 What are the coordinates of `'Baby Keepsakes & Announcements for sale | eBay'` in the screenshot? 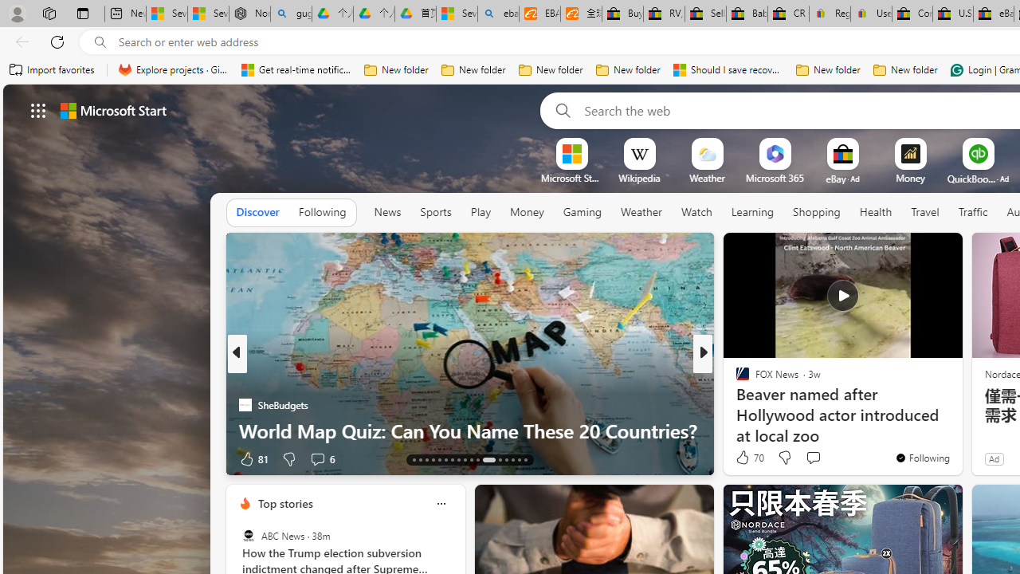 It's located at (745, 14).